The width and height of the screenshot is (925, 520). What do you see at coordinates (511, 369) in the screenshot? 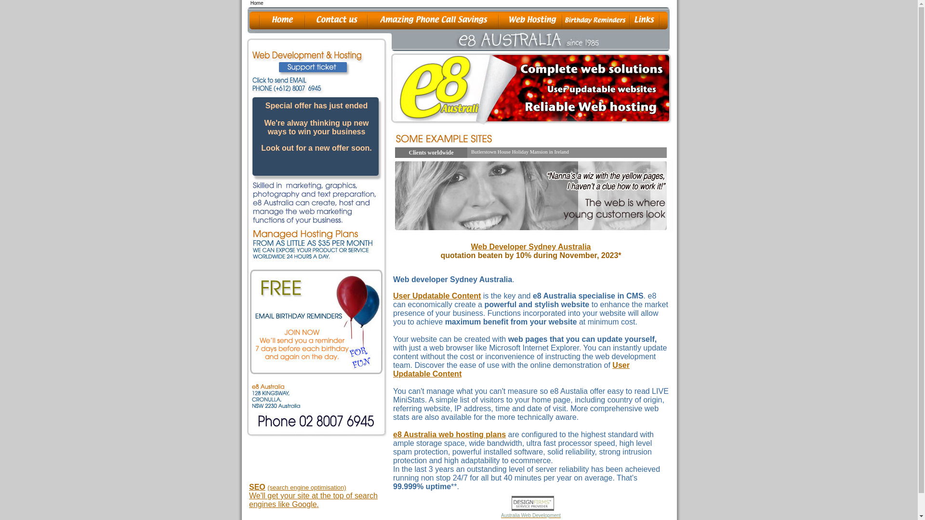
I see `'User Updatable Content'` at bounding box center [511, 369].